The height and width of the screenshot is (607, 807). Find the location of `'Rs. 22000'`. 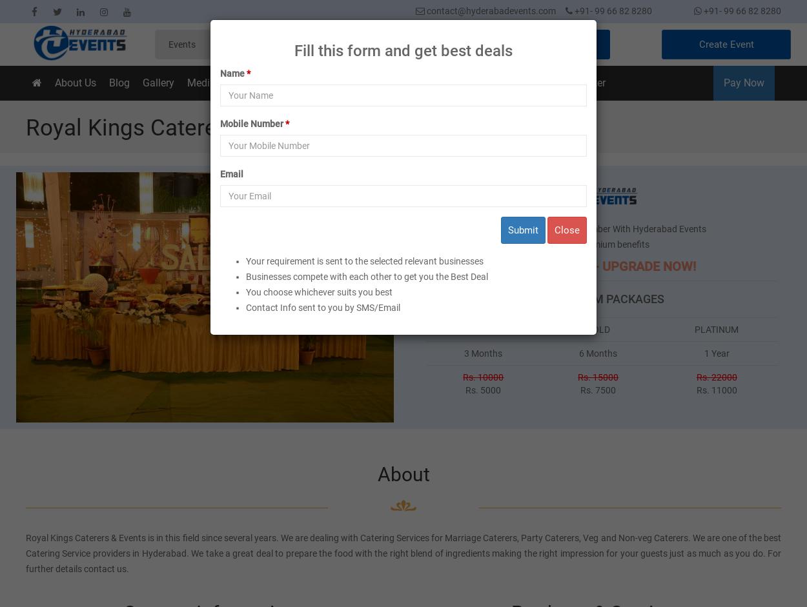

'Rs. 22000' is located at coordinates (715, 375).